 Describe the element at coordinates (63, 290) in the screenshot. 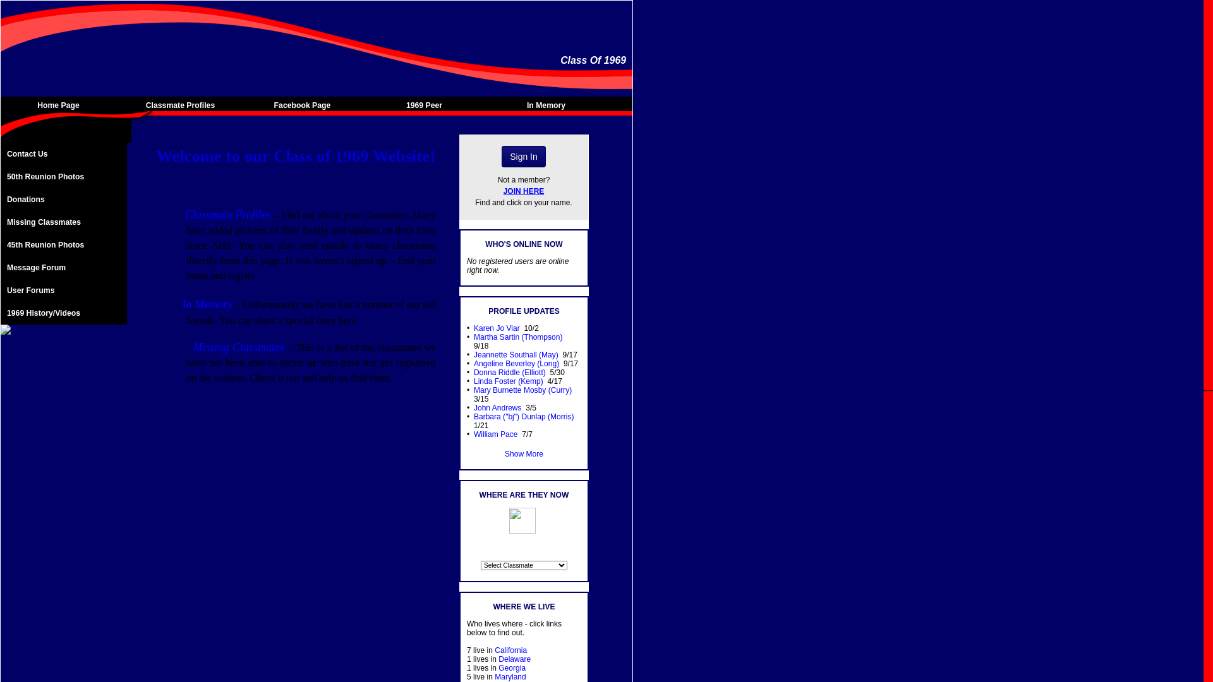

I see `'User Forums'` at that location.